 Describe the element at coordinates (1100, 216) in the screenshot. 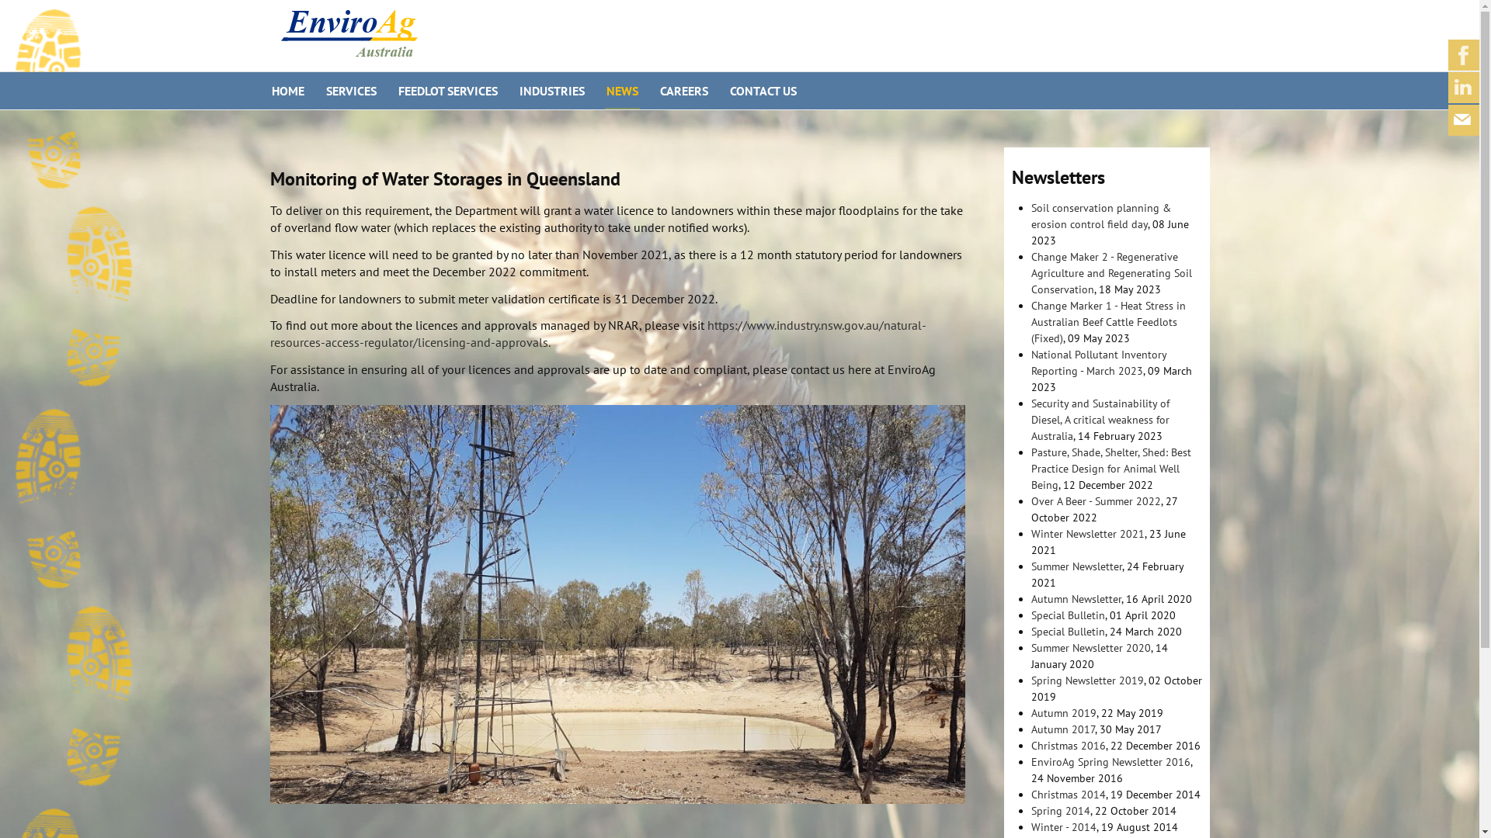

I see `'Soil conservation planning & erosion control field day'` at that location.